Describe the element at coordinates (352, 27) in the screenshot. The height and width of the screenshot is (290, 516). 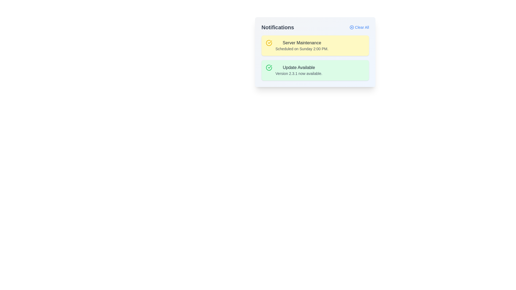
I see `the circular 'X' icon located to the left of the 'Clear All' label to initiate the clearing action` at that location.